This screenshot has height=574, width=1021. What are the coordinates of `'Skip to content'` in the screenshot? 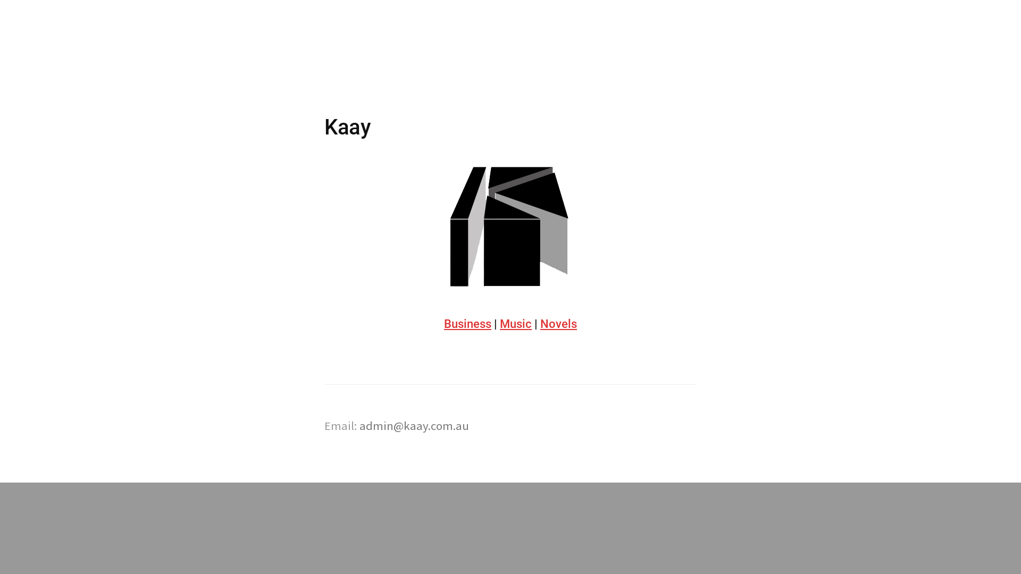 It's located at (324, 53).